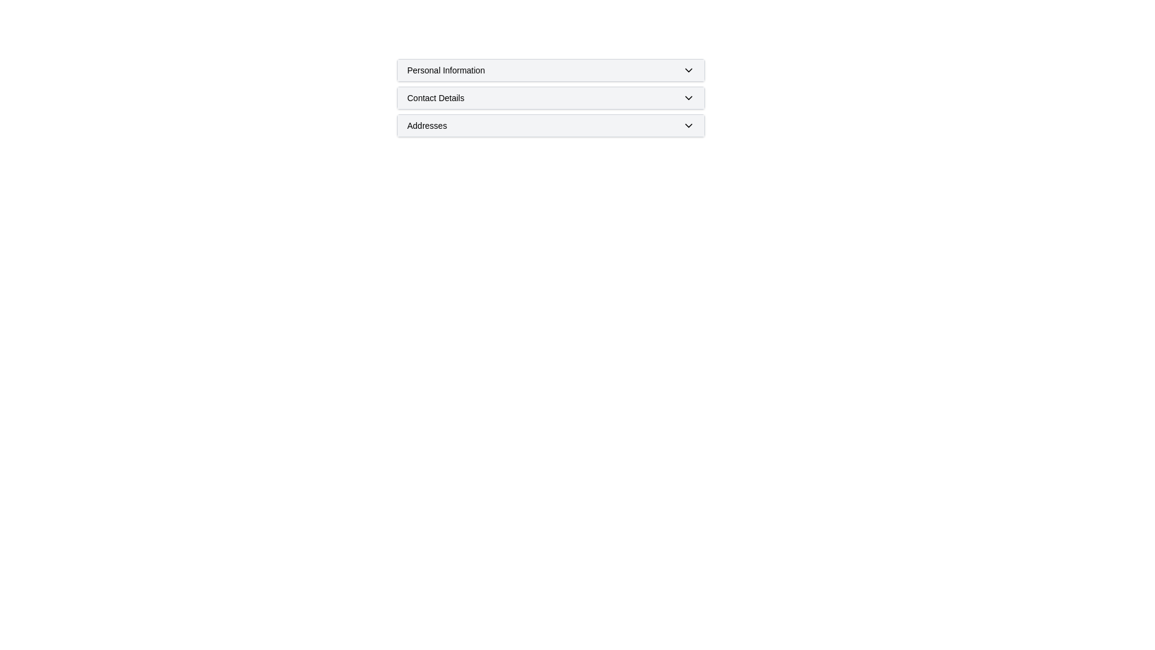 The width and height of the screenshot is (1155, 650). Describe the element at coordinates (689, 125) in the screenshot. I see `the Dropdown toggle icon (chevron) located on the far right side of the 'Addresses' section` at that location.